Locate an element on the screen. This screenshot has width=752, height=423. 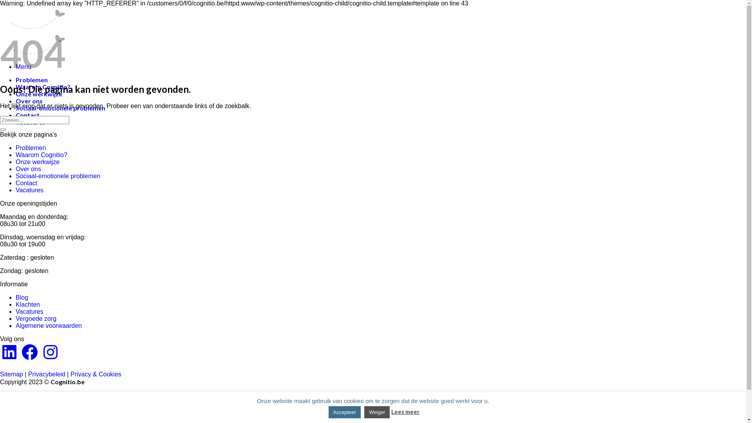
'Accepteer' is located at coordinates (345, 412).